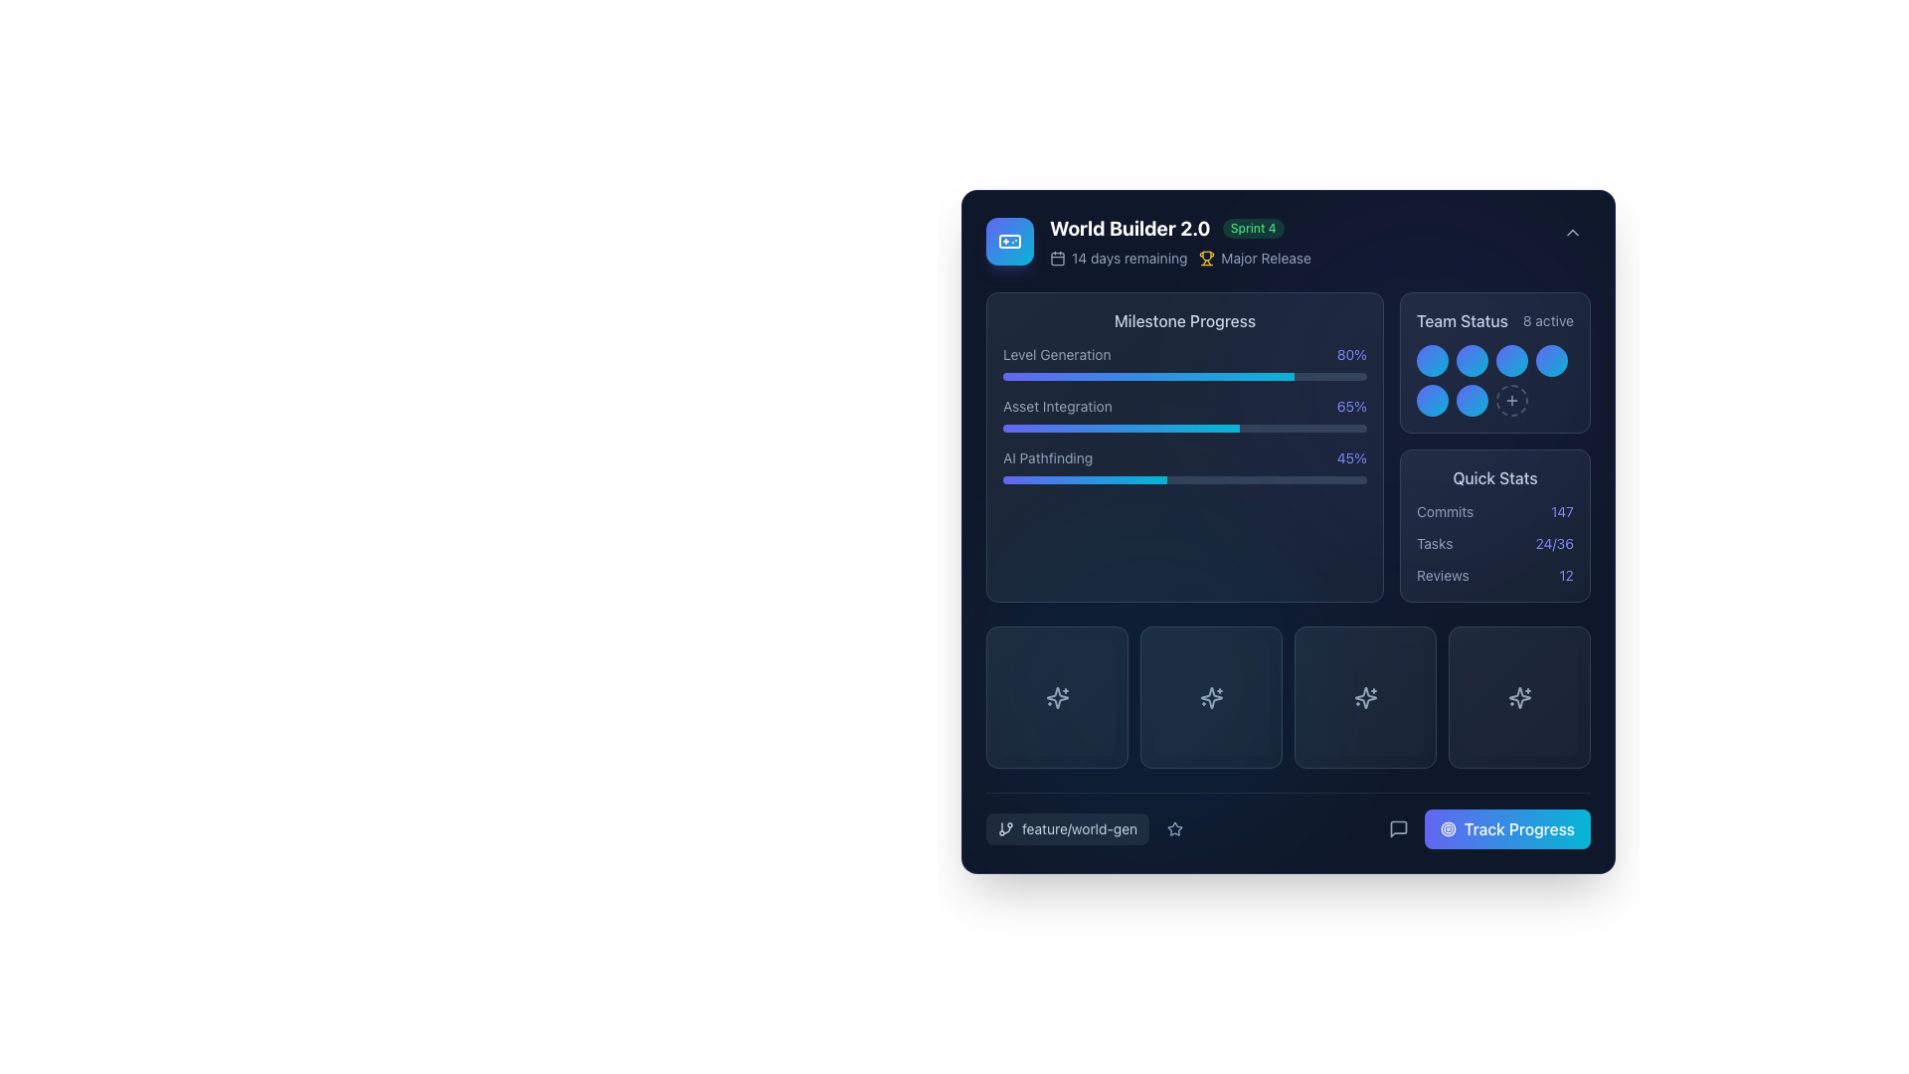 This screenshot has height=1074, width=1909. What do you see at coordinates (1210, 696) in the screenshot?
I see `the square-shaped button with a dark slate-colored background and sparkles icon, located in the lower portion of the application interface` at bounding box center [1210, 696].